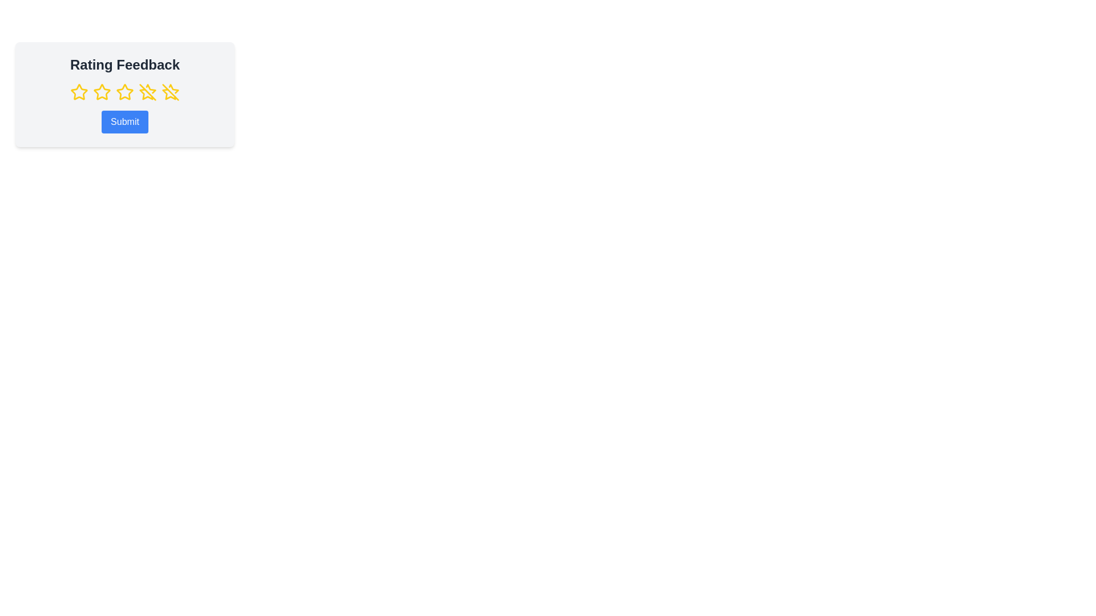  What do you see at coordinates (102, 92) in the screenshot?
I see `the second star button indicating a rating of two stars, positioned below 'Rating Feedback'` at bounding box center [102, 92].